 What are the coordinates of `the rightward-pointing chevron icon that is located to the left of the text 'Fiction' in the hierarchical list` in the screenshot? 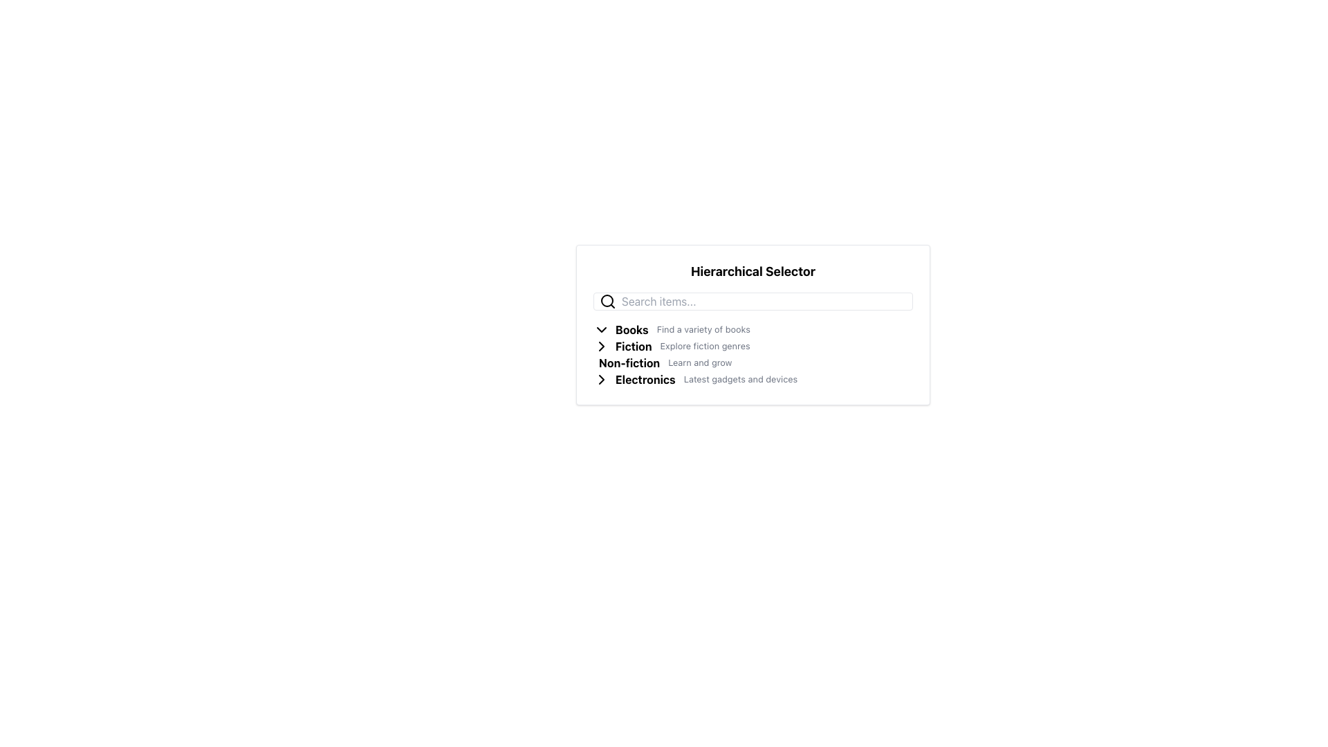 It's located at (601, 346).